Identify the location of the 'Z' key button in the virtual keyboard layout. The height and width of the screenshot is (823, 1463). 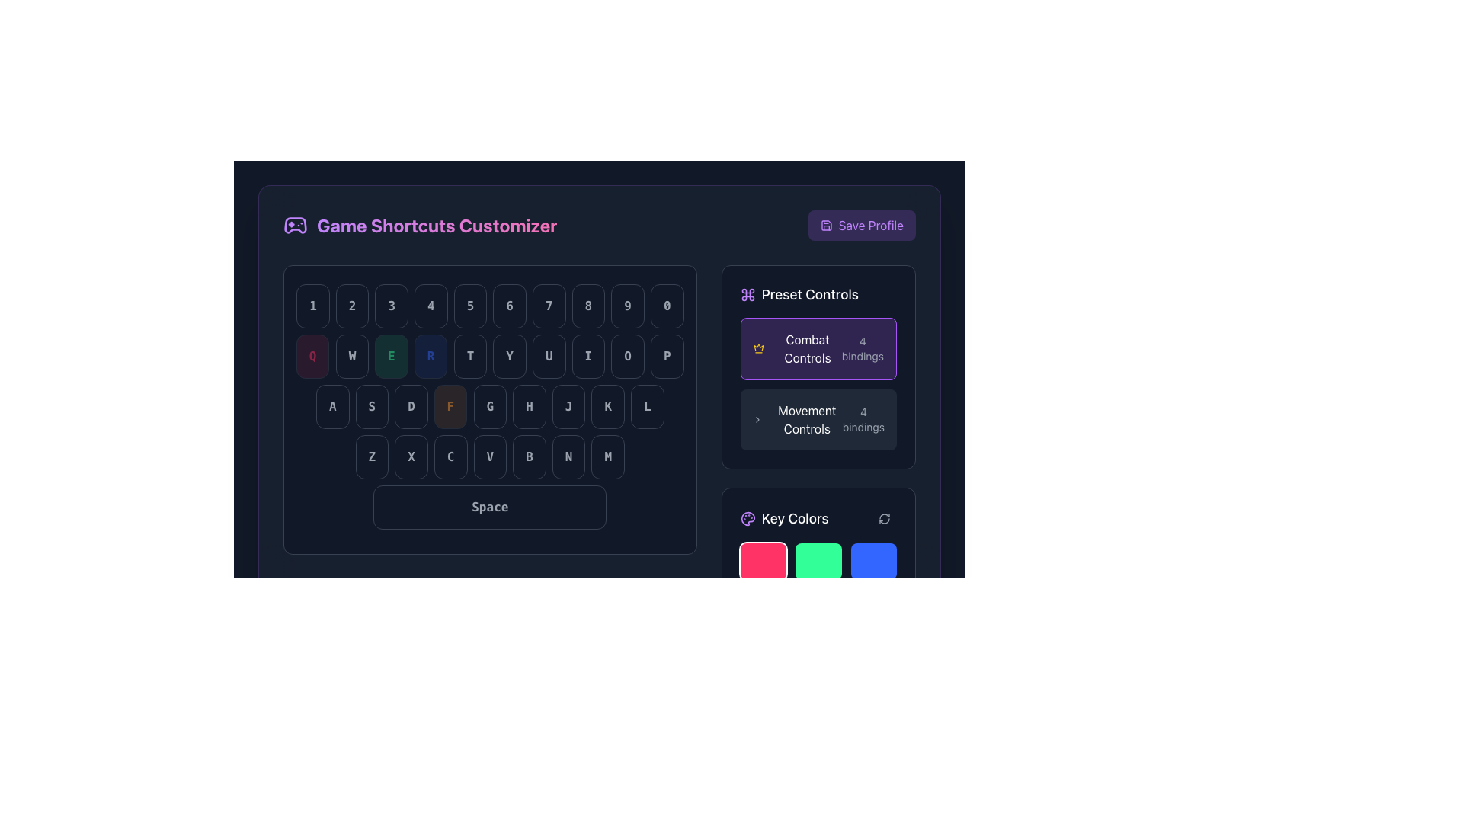
(372, 456).